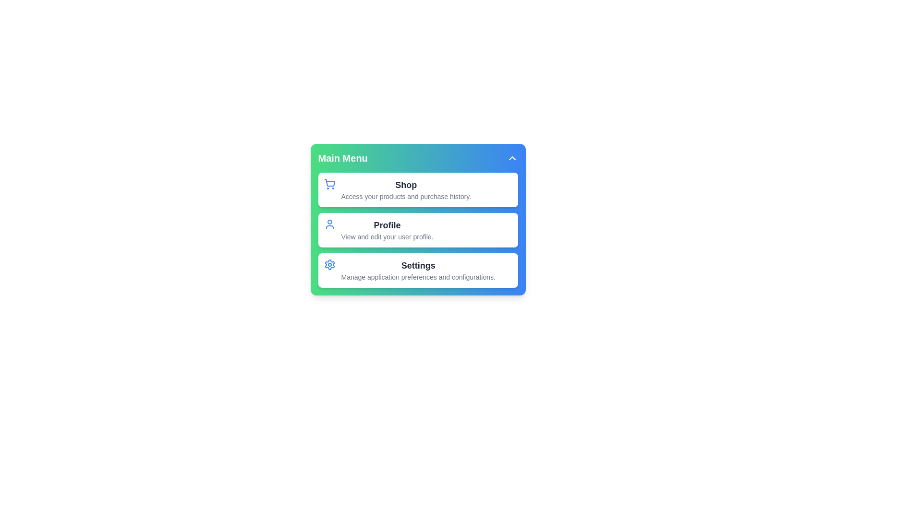 The image size is (922, 518). What do you see at coordinates (418, 190) in the screenshot?
I see `the menu item Shop from the interactive menu` at bounding box center [418, 190].